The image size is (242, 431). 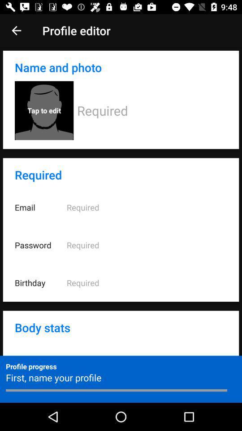 I want to click on the email option in the required field, so click(x=121, y=207).